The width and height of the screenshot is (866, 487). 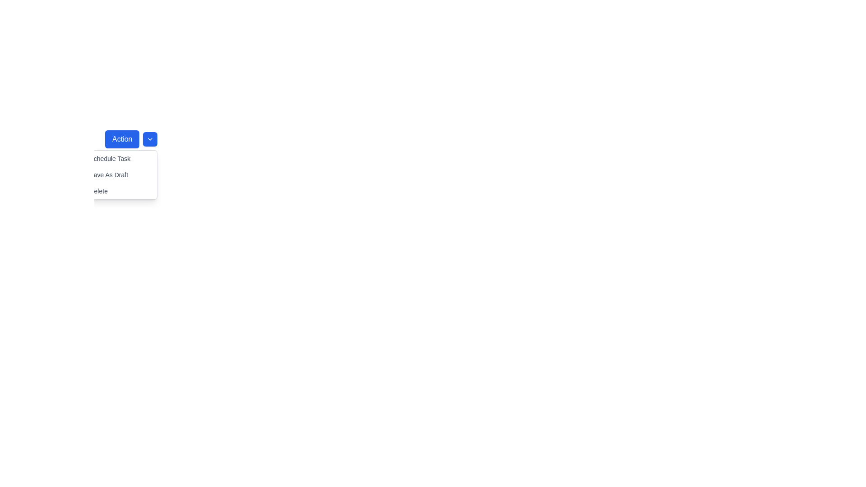 I want to click on the hollow circle element within the SVG graphic, which is styled minimally with a defined stroke and no fill, located slightly to the right of the dropdown menu associated with the 'Action' button, so click(x=82, y=158).